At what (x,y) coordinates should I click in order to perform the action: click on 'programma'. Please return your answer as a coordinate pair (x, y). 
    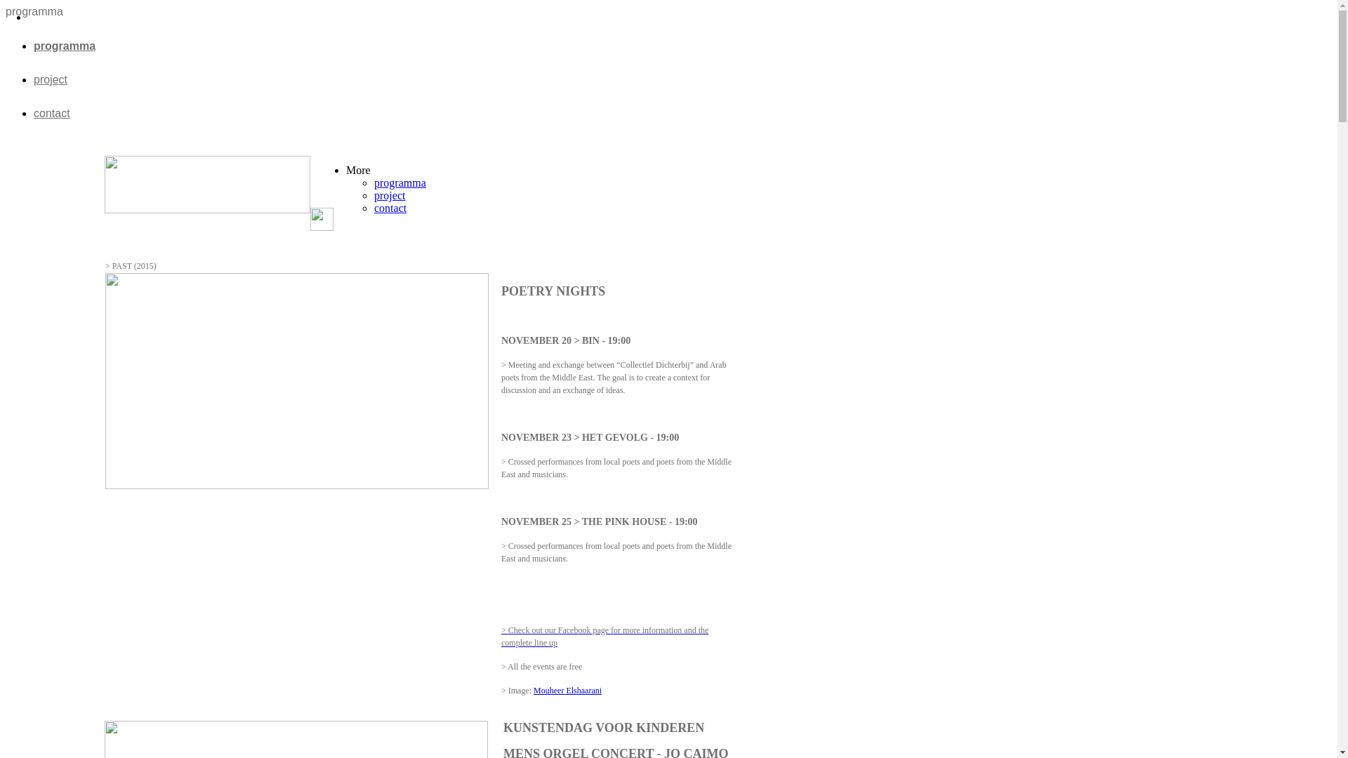
    Looking at the image, I should click on (63, 45).